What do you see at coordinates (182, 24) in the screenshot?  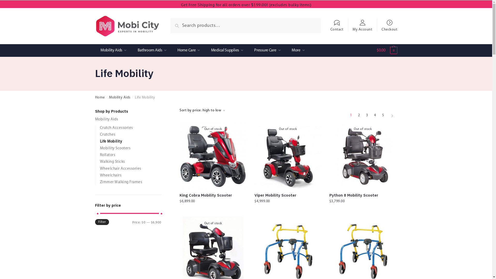 I see `'Search'` at bounding box center [182, 24].